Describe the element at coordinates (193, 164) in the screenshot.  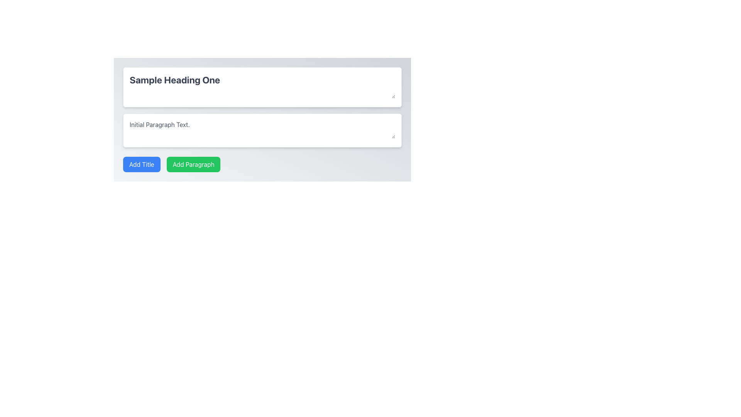
I see `the button located at the bottom section of the interface, to the right of the blue button labeled 'Add Title'` at that location.